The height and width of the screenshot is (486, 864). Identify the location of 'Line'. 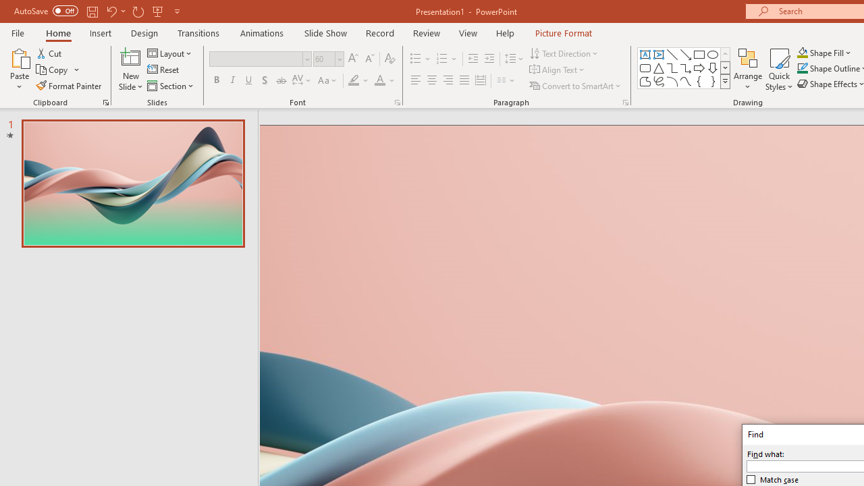
(672, 54).